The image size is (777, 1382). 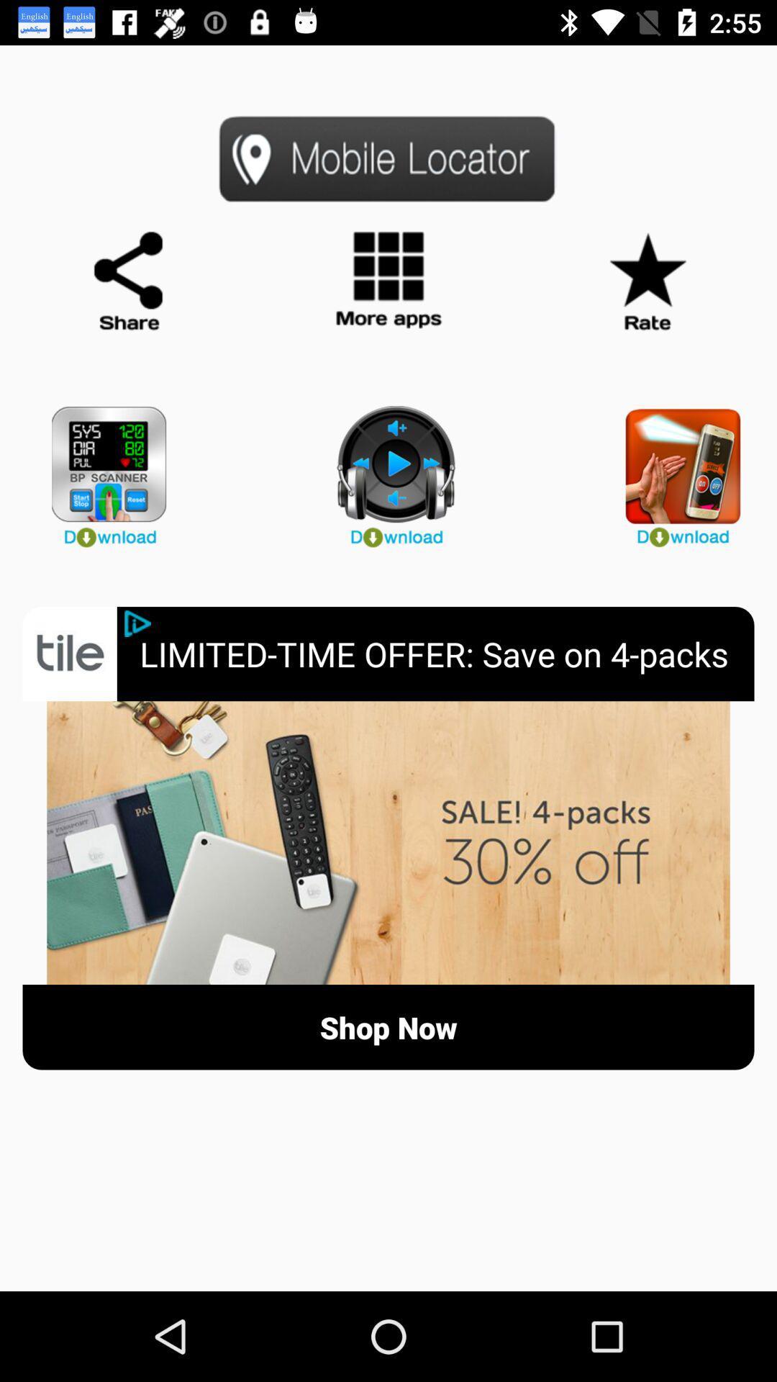 What do you see at coordinates (129, 281) in the screenshot?
I see `share the post` at bounding box center [129, 281].